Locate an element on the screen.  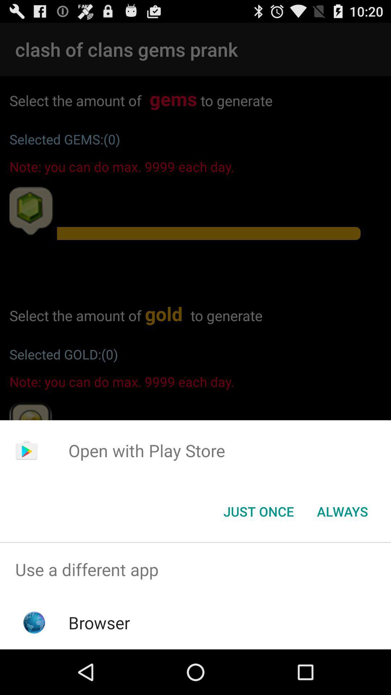
the use a different is located at coordinates (195, 569).